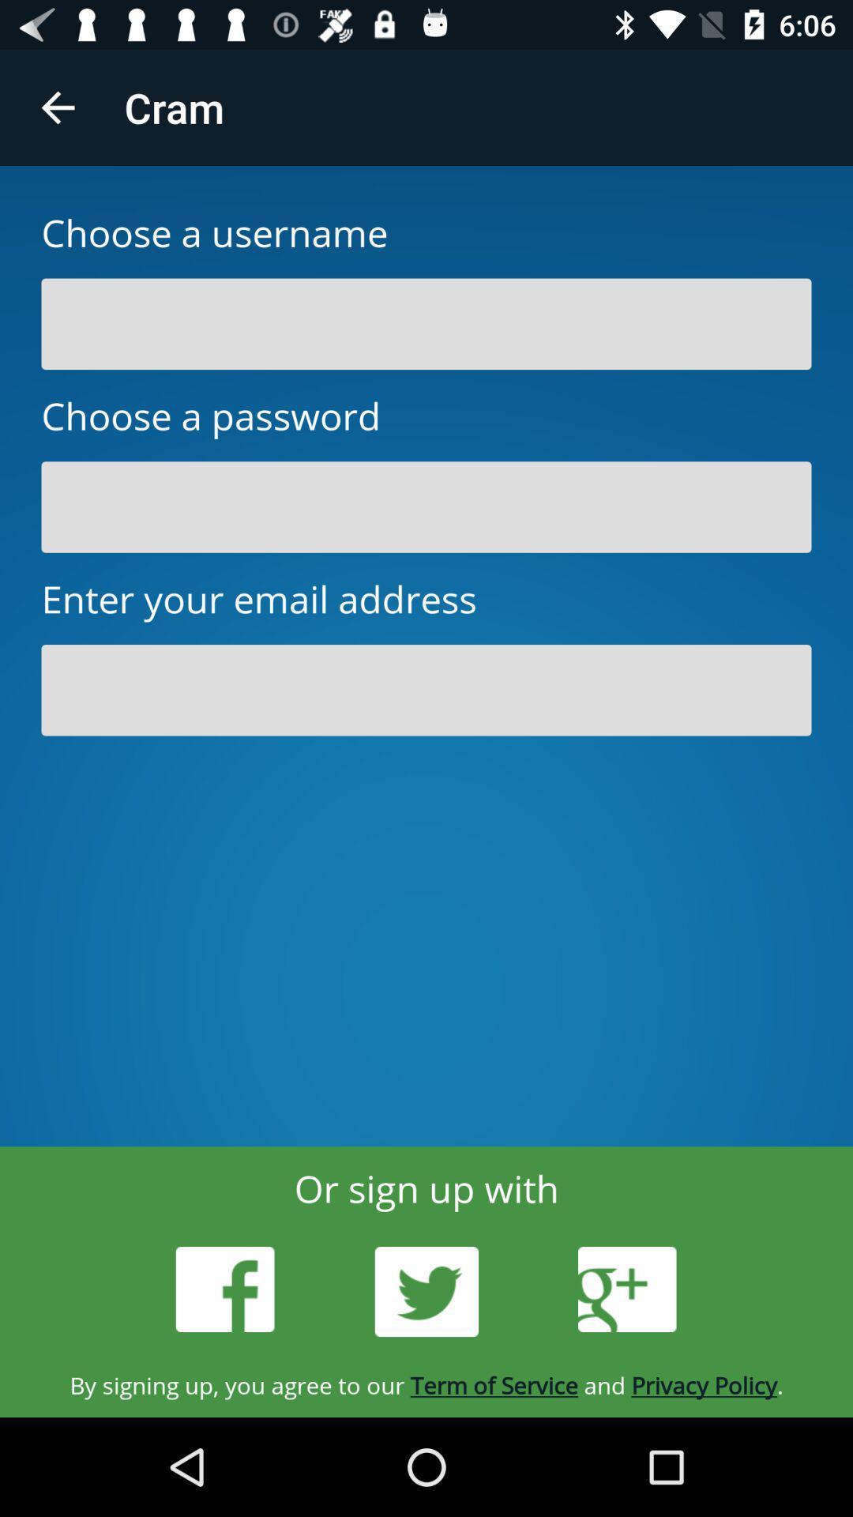 The width and height of the screenshot is (853, 1517). What do you see at coordinates (626, 1289) in the screenshot?
I see `the icon above by signing up` at bounding box center [626, 1289].